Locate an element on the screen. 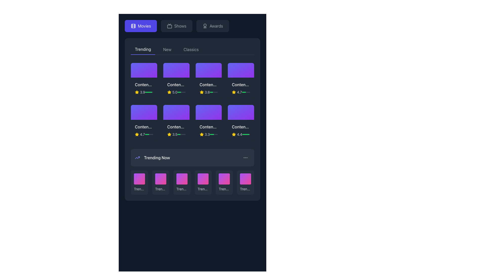 The image size is (486, 273). the numeric rating (3.8) displayed in white text, along with the yellow star icon and the horizontal green progress bar in the third item of the top row under the 'Trending' section of the 'Movies' tab, beneath 'Content Title 3' is located at coordinates (209, 92).